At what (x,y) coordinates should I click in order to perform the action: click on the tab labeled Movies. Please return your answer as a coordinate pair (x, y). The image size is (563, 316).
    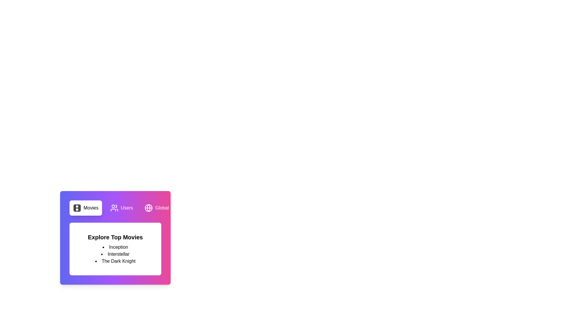
    Looking at the image, I should click on (85, 207).